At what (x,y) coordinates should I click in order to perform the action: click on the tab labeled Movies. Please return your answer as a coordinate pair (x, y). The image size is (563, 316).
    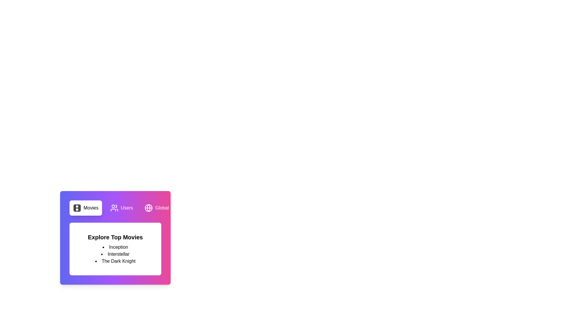
    Looking at the image, I should click on (85, 207).